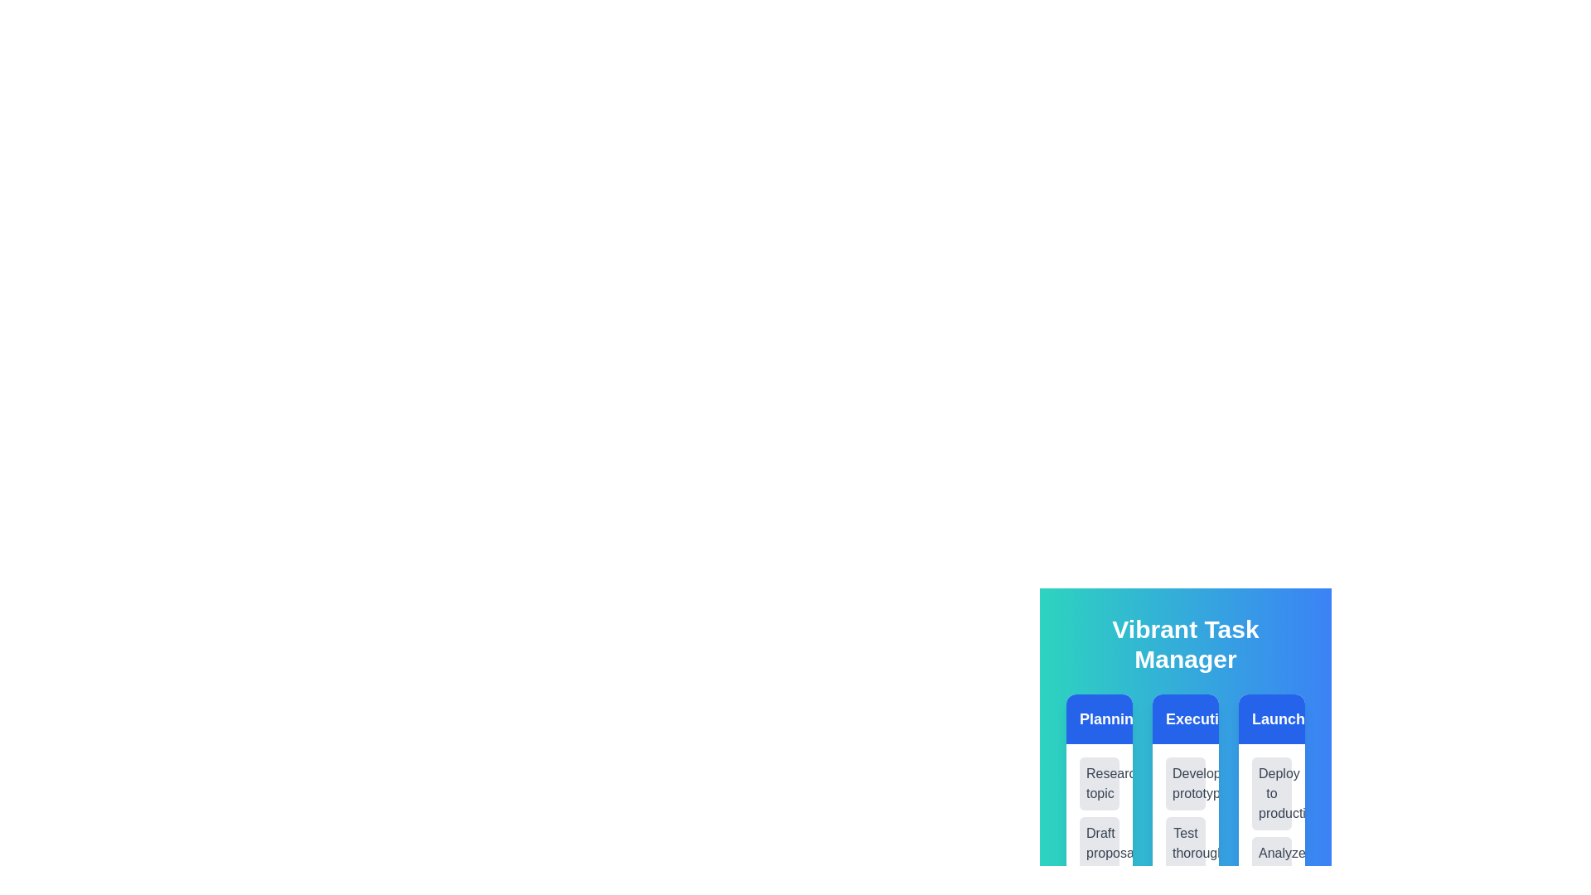  Describe the element at coordinates (1184, 783) in the screenshot. I see `task information displayed in the text box labeled 'Develop prototype', which is the first item in the 'Execute' section of the task list` at that location.